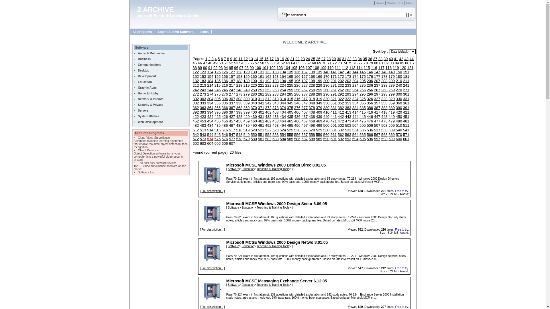 The width and height of the screenshot is (550, 309). I want to click on '371', so click(258, 108).